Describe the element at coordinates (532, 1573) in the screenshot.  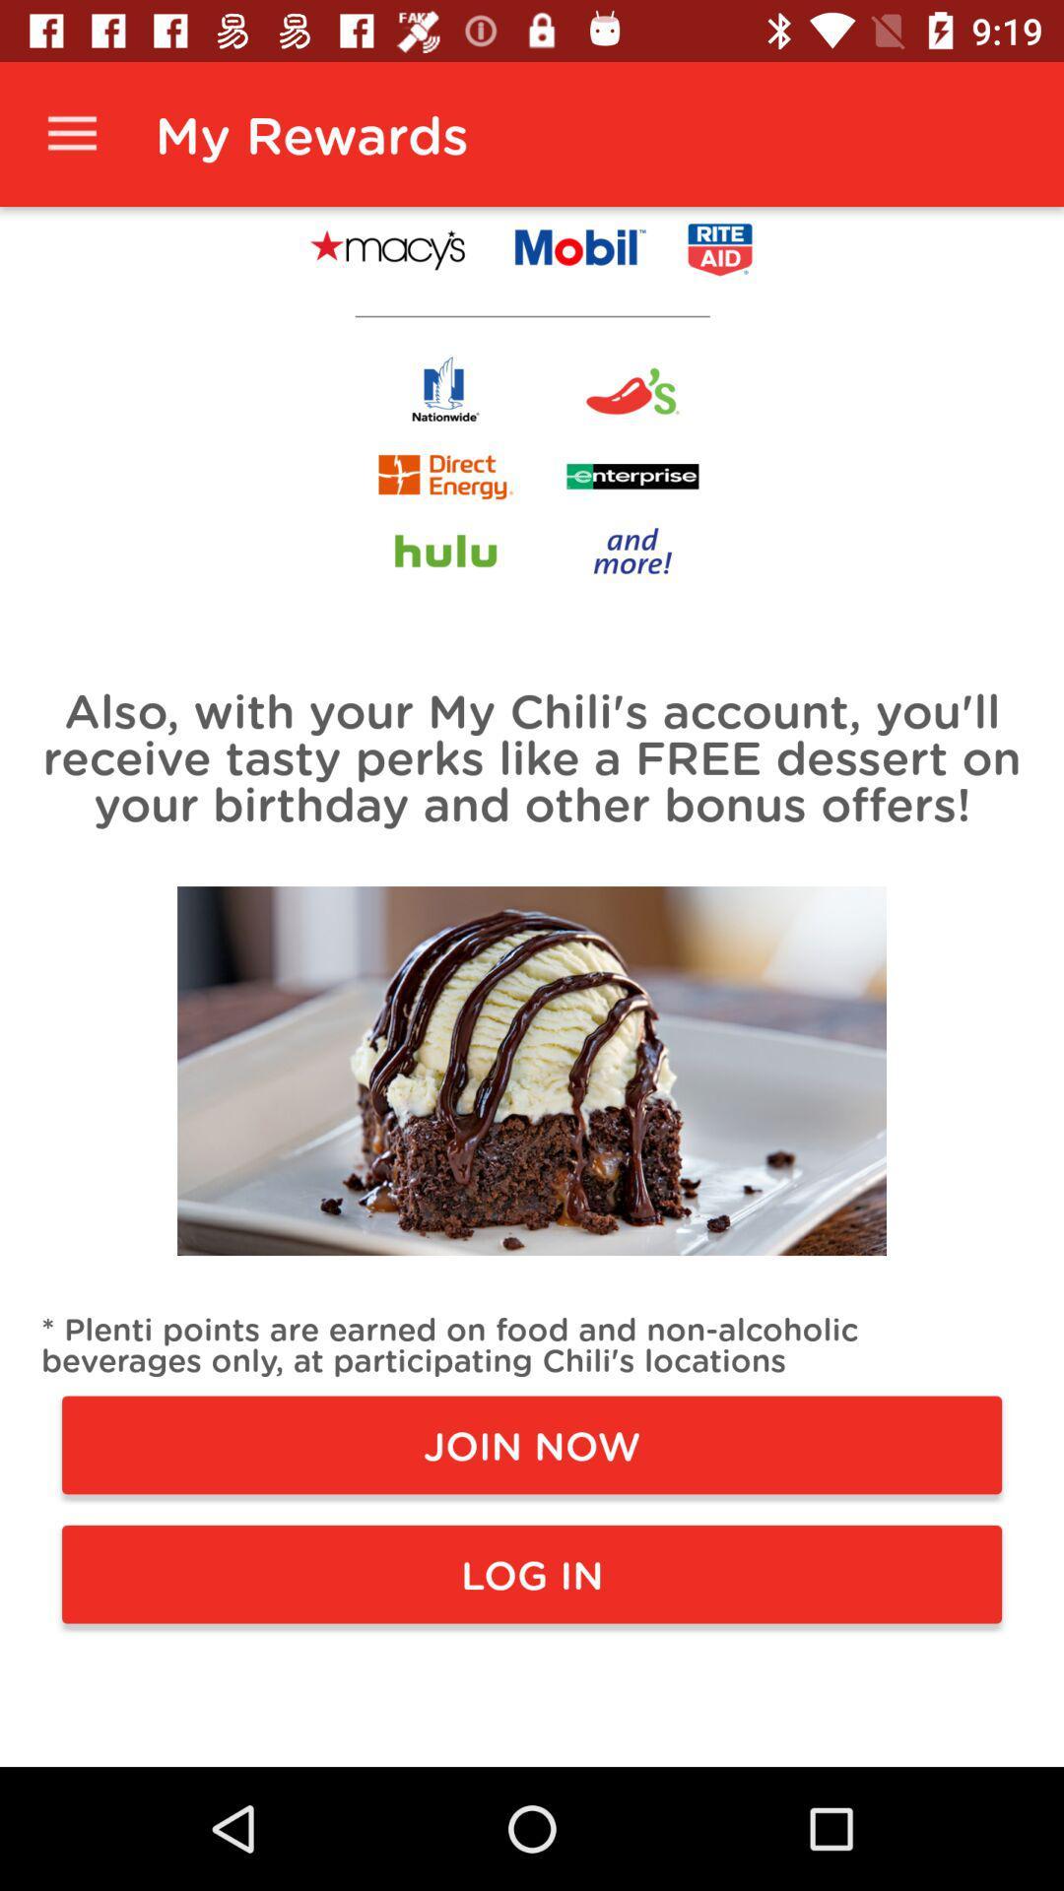
I see `the log in icon` at that location.